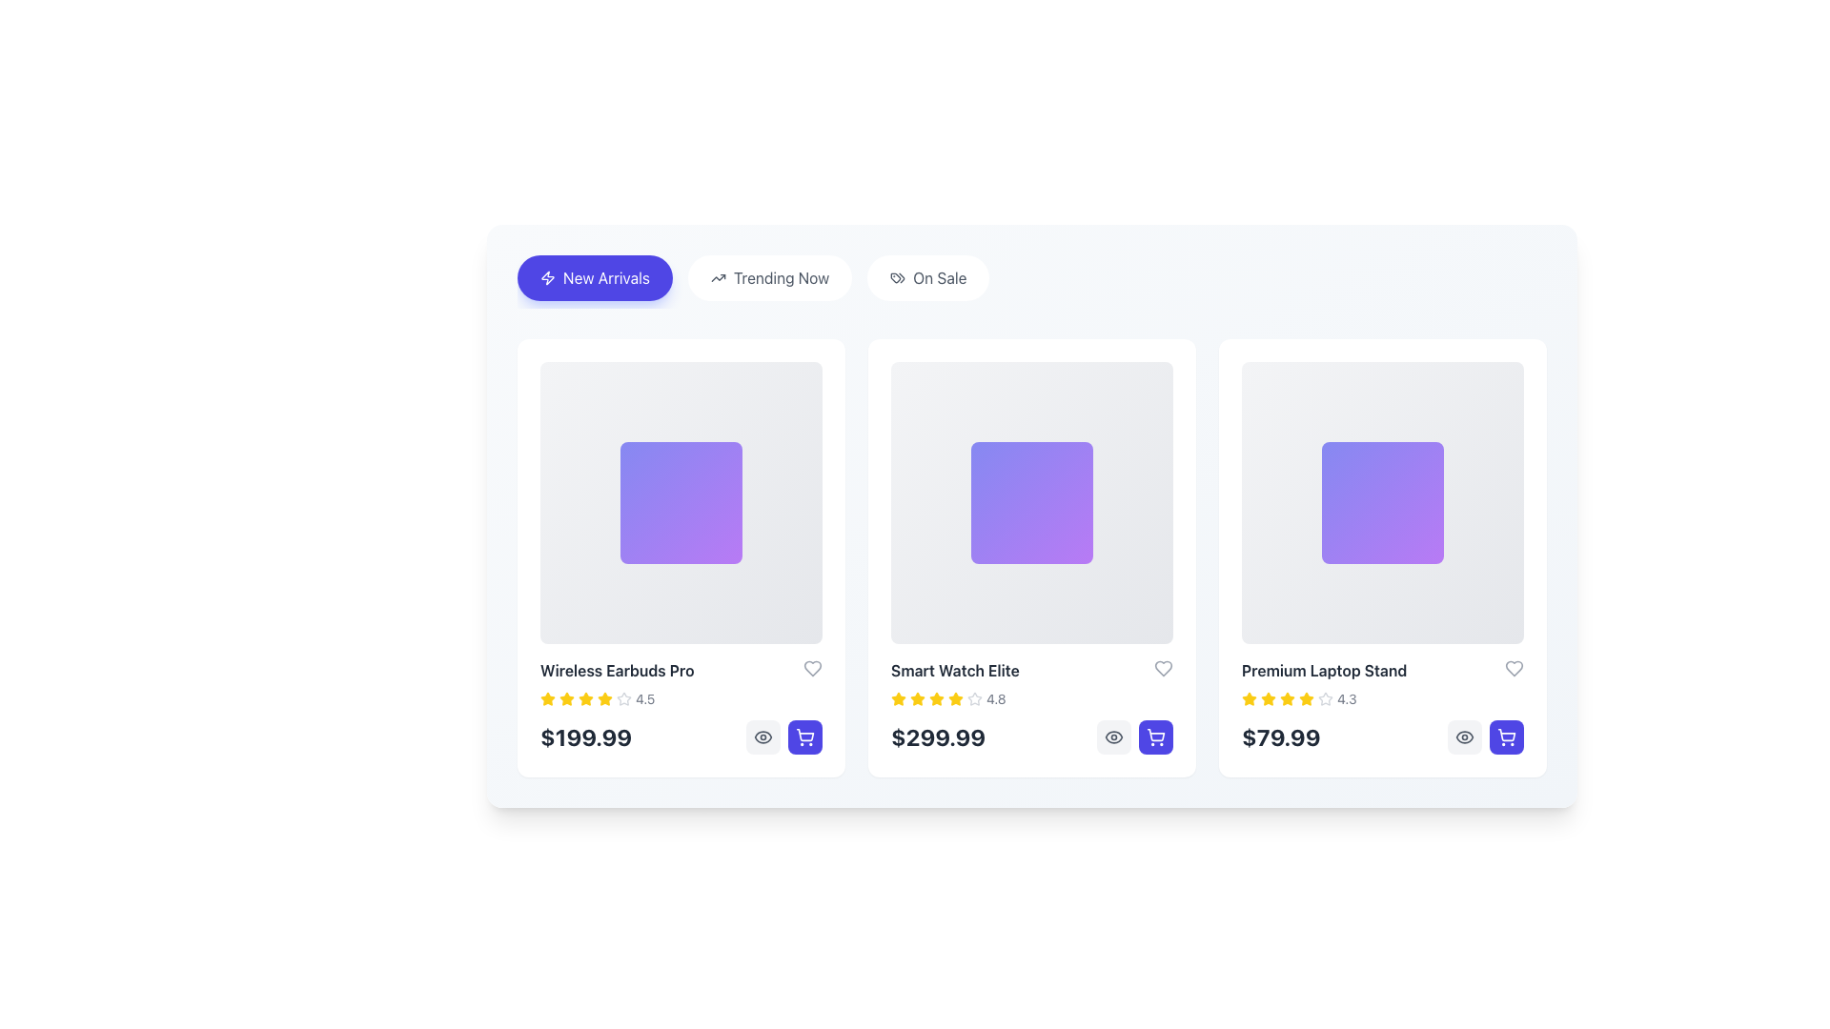  I want to click on the heart icon in the top-right corner of the 'Premium Laptop Stand' card, so click(1513, 668).